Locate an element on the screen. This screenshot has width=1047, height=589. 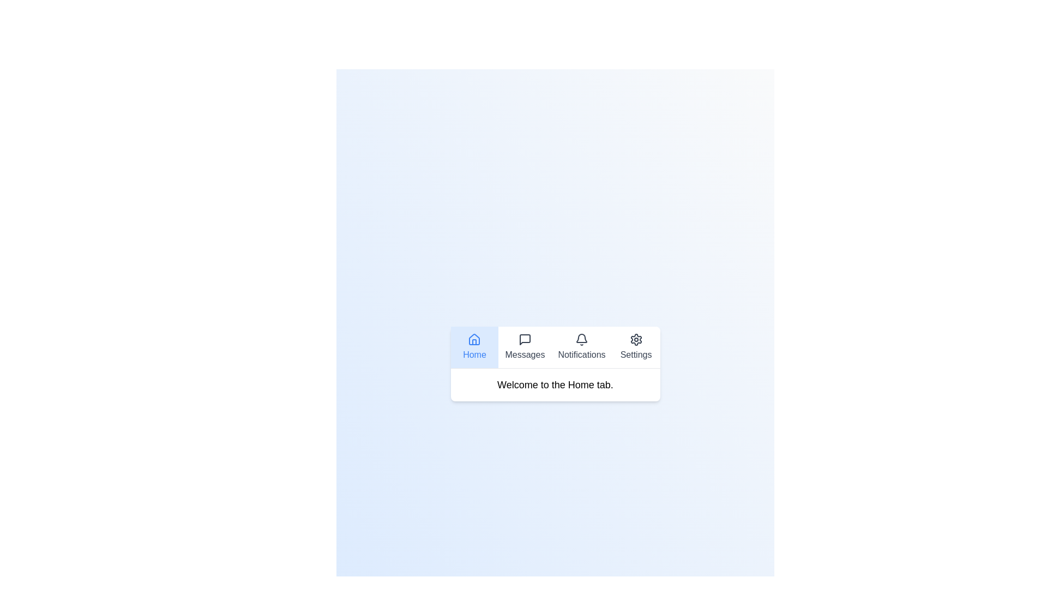
the Notifications label located in the horizontal menu bar, which is the third item from the left is located at coordinates (581, 354).